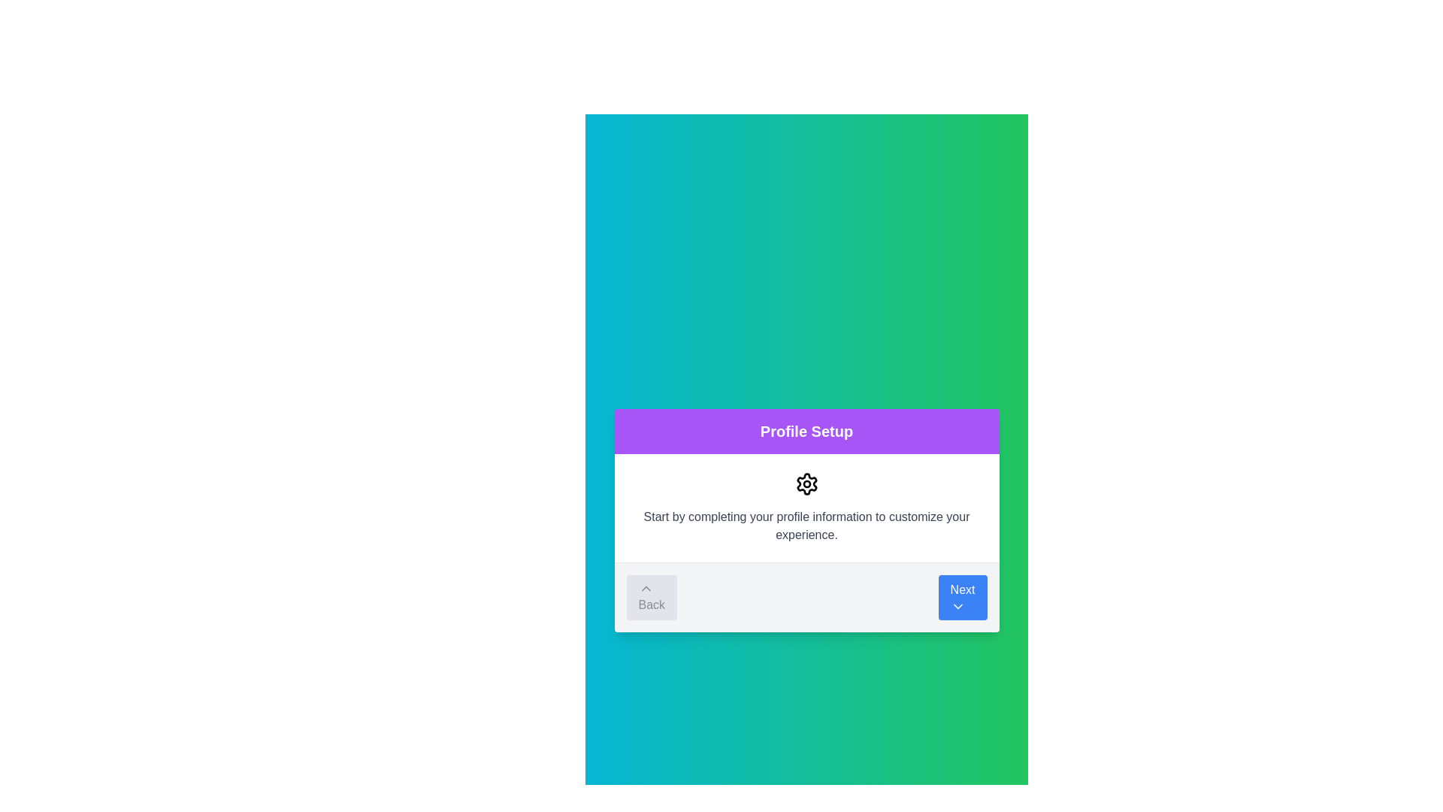 Image resolution: width=1443 pixels, height=812 pixels. What do you see at coordinates (806, 483) in the screenshot?
I see `the gear-shaped icon located within the 'Profile Setup' dialog box, which is centered beneath the title and above the instructional text` at bounding box center [806, 483].